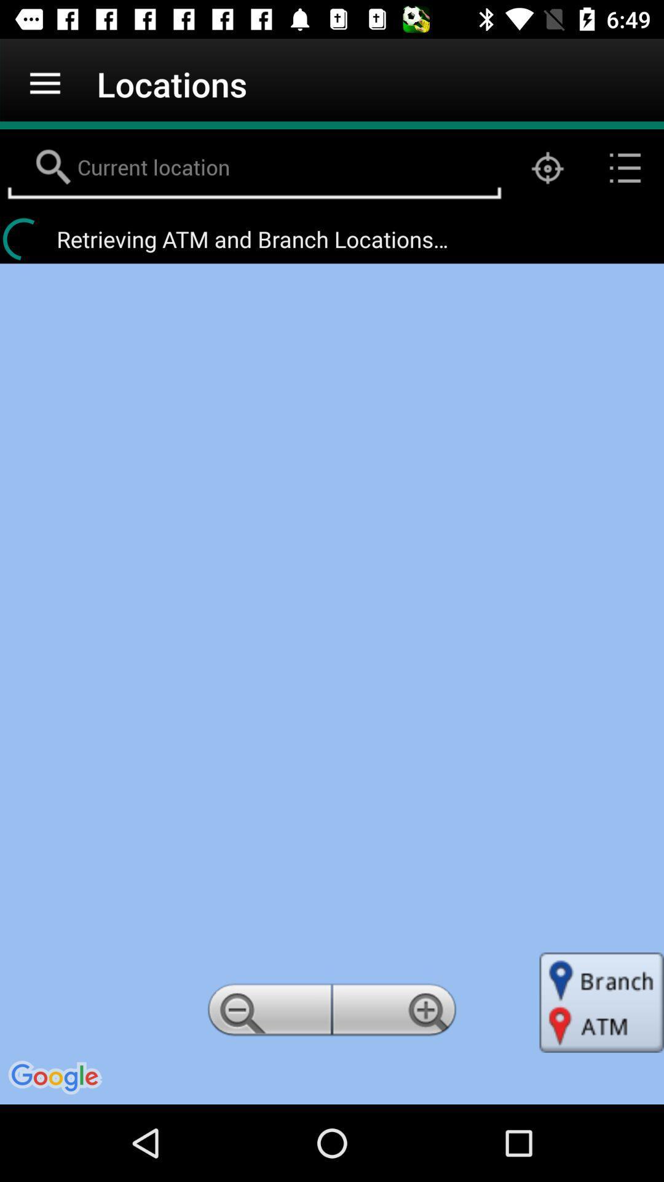 This screenshot has width=664, height=1182. What do you see at coordinates (396, 1013) in the screenshot?
I see `increase magnification` at bounding box center [396, 1013].